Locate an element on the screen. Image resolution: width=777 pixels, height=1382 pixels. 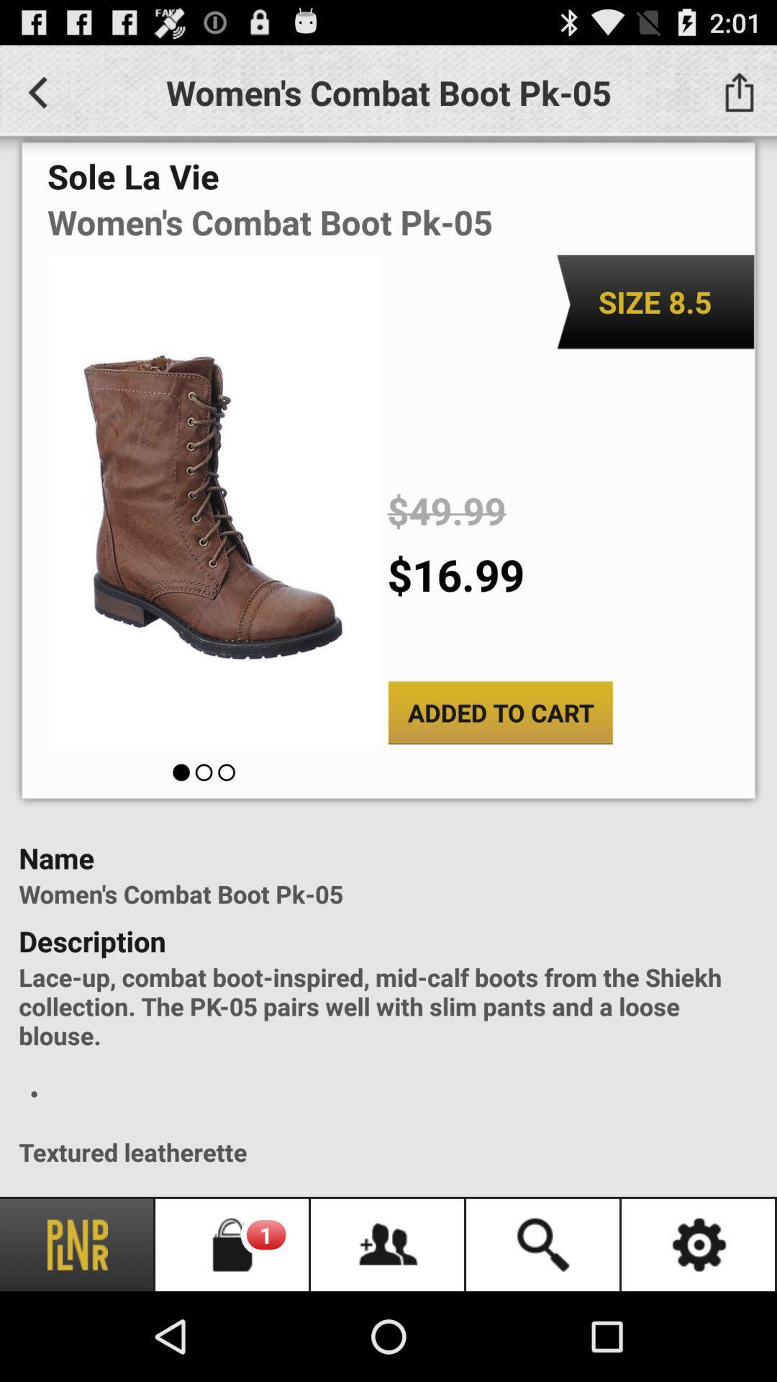
size 85 is located at coordinates (655, 301).